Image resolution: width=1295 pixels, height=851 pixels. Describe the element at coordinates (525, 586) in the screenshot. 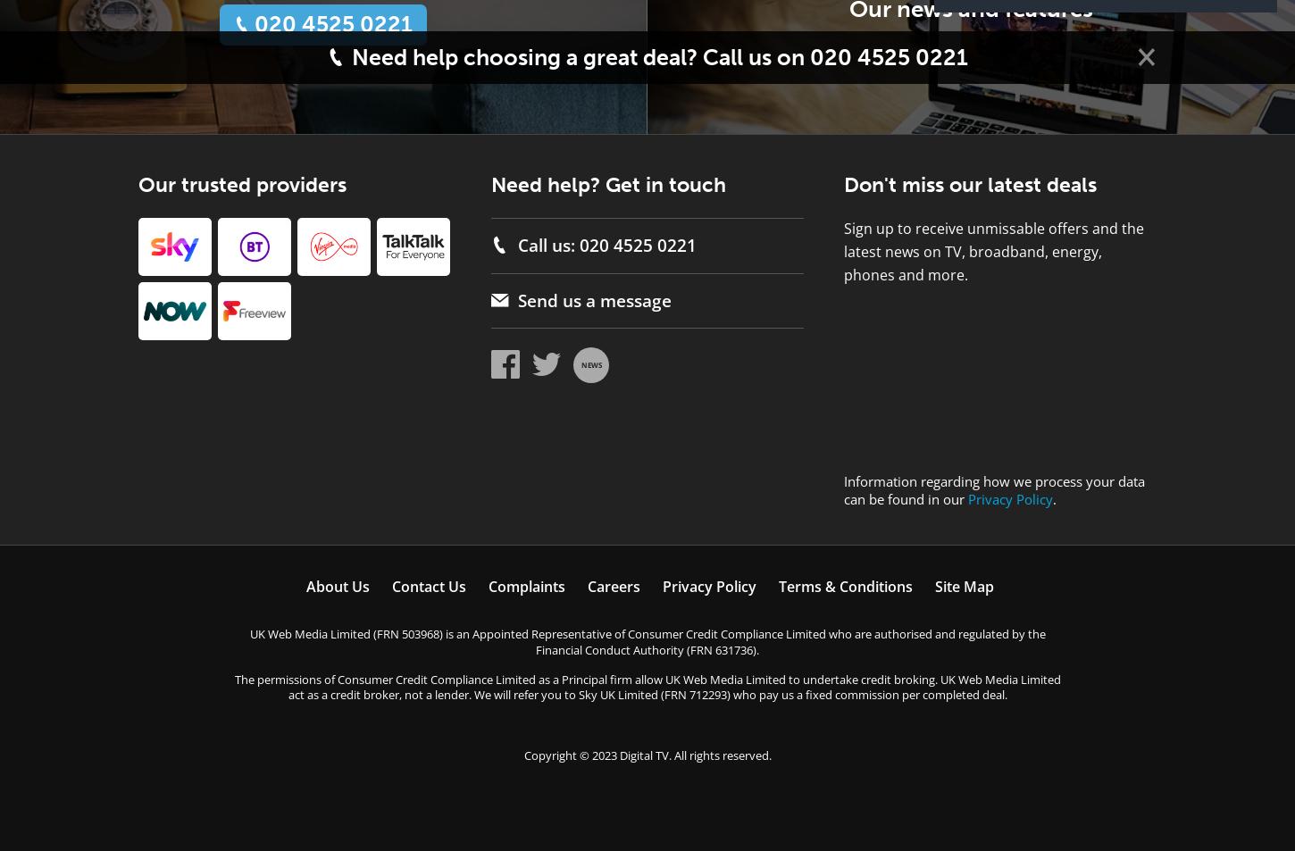

I see `'Complaints'` at that location.